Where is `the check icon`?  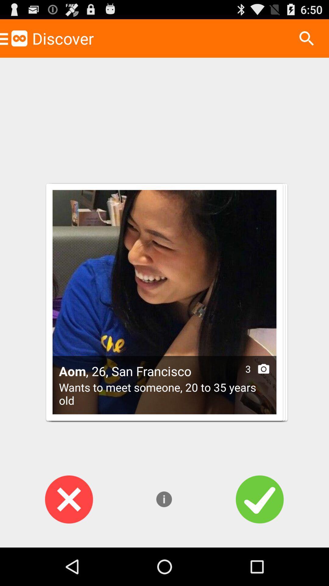 the check icon is located at coordinates (260, 534).